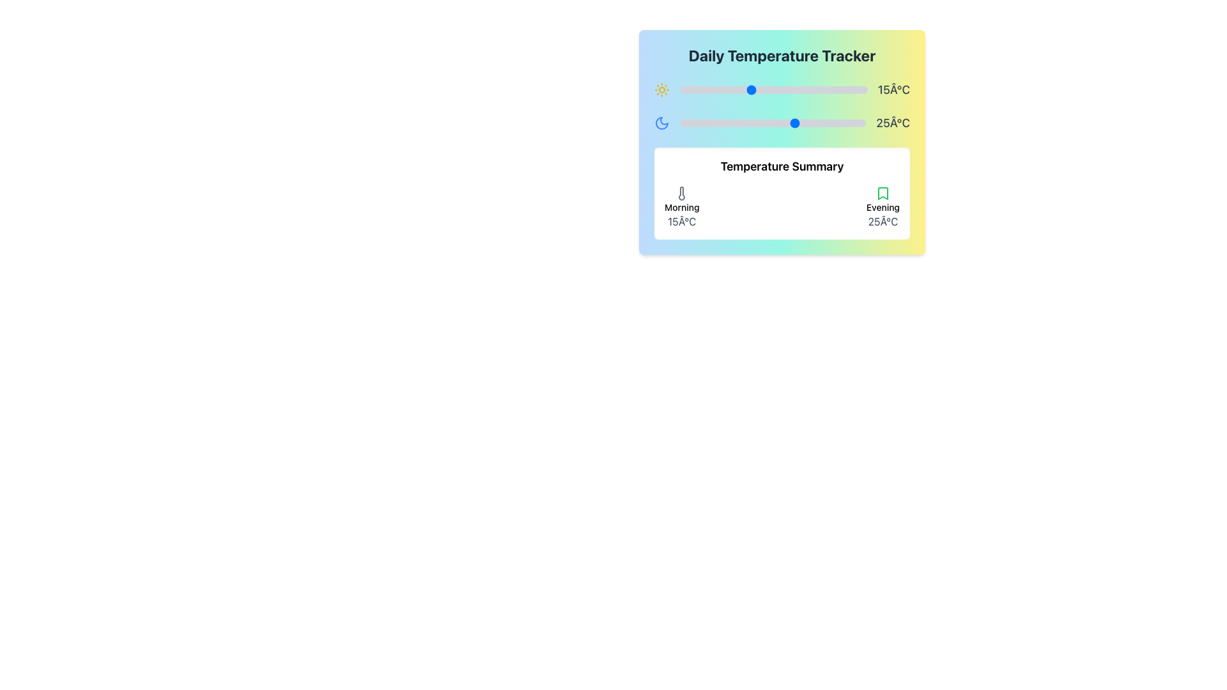 This screenshot has width=1227, height=690. What do you see at coordinates (883, 206) in the screenshot?
I see `the evening temperature component, which displays the temperature along with an icon, from its current position` at bounding box center [883, 206].